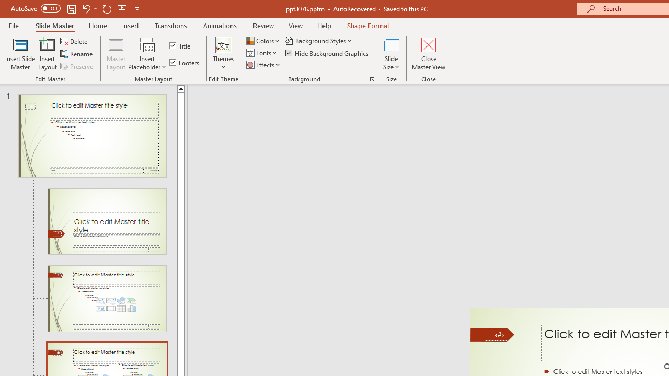  What do you see at coordinates (185, 62) in the screenshot?
I see `'Footers'` at bounding box center [185, 62].